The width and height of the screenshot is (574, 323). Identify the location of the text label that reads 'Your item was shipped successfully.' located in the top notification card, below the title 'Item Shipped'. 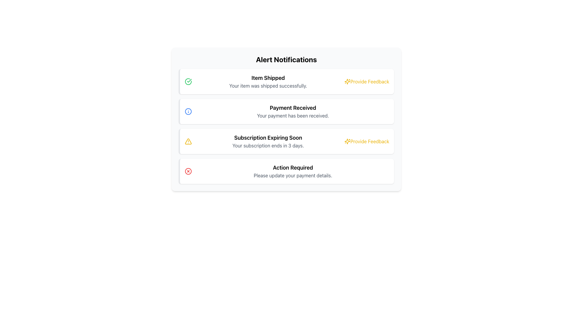
(268, 86).